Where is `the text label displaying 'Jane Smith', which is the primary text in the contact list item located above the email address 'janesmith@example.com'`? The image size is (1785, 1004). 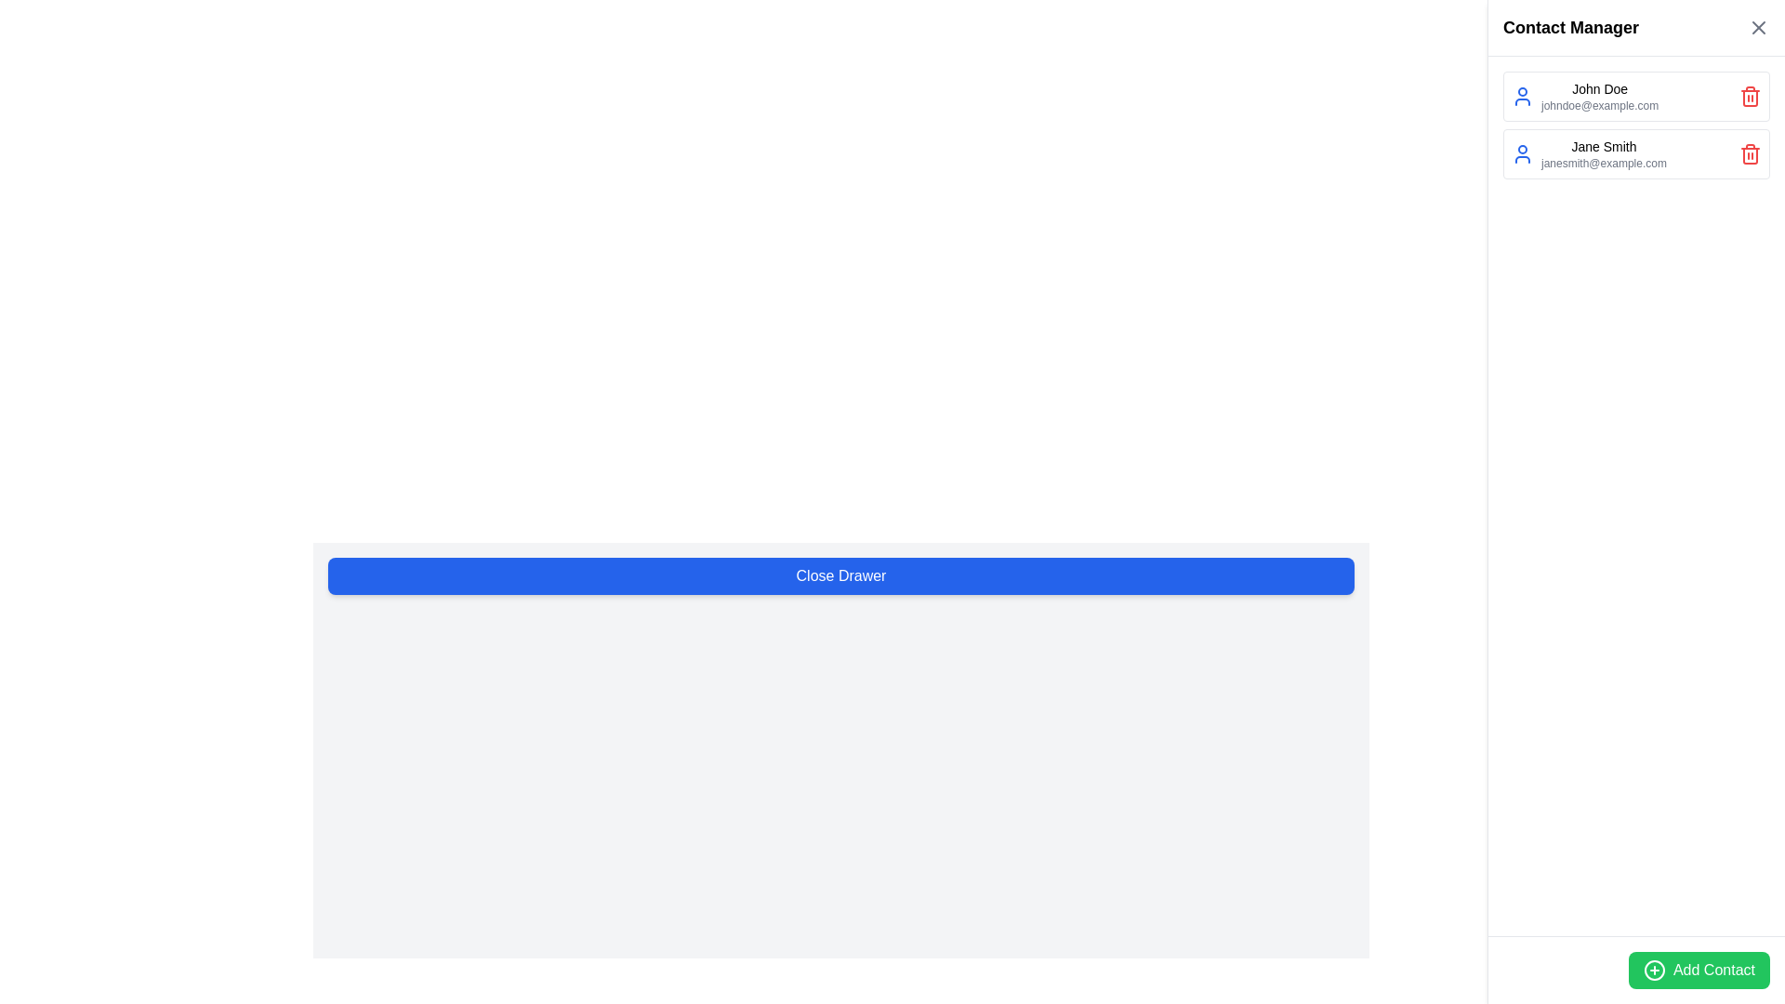 the text label displaying 'Jane Smith', which is the primary text in the contact list item located above the email address 'janesmith@example.com' is located at coordinates (1603, 146).